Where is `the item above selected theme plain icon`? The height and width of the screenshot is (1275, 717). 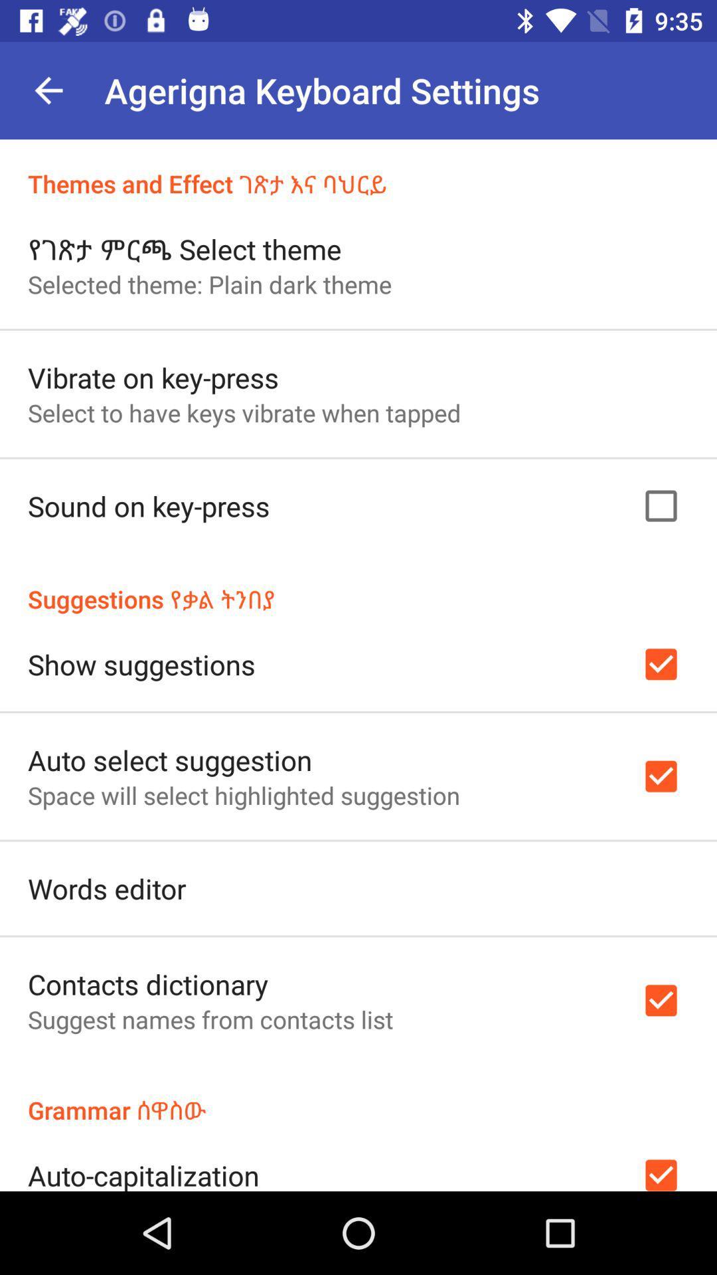
the item above selected theme plain icon is located at coordinates (185, 248).